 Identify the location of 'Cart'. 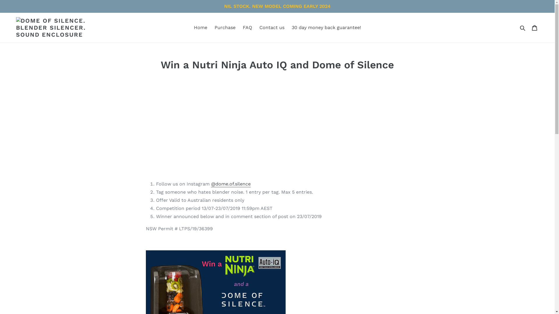
(528, 28).